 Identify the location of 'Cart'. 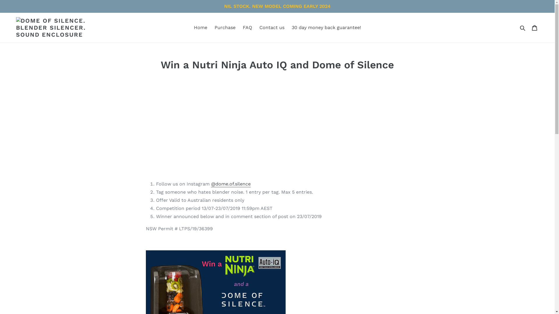
(528, 28).